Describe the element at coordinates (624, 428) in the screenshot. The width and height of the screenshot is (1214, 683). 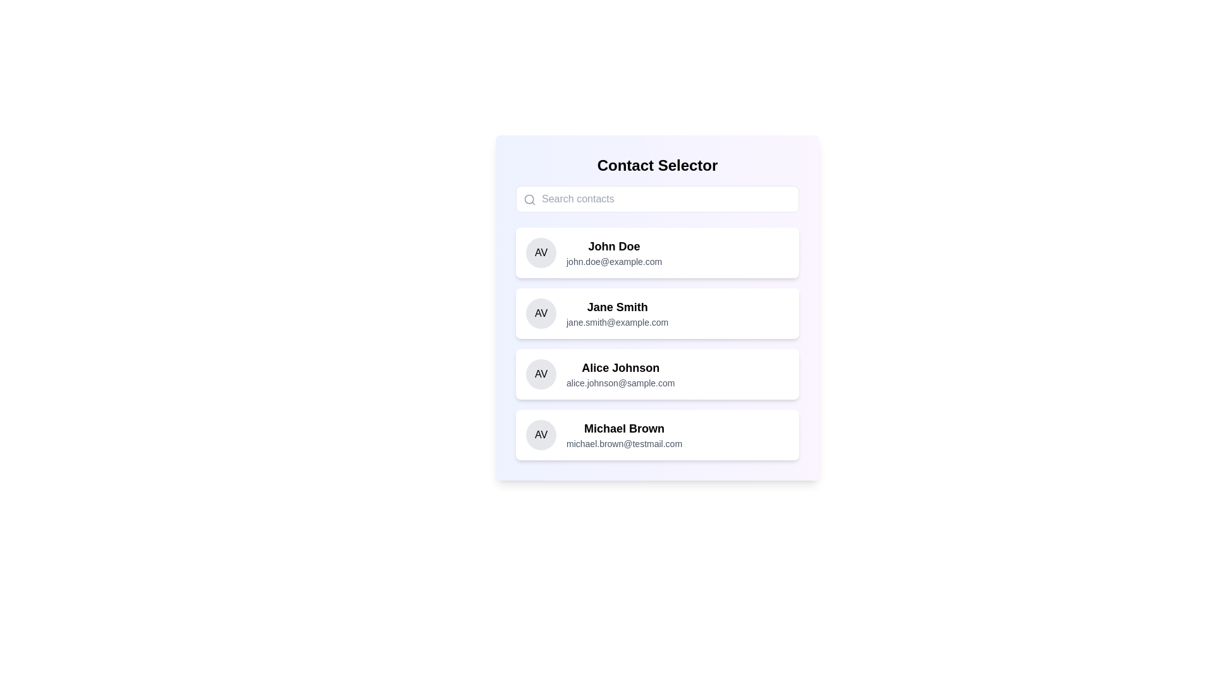
I see `the text label displaying 'Michael Brown', which is styled prominently in bold and is part of a contact card, positioned above the email address` at that location.